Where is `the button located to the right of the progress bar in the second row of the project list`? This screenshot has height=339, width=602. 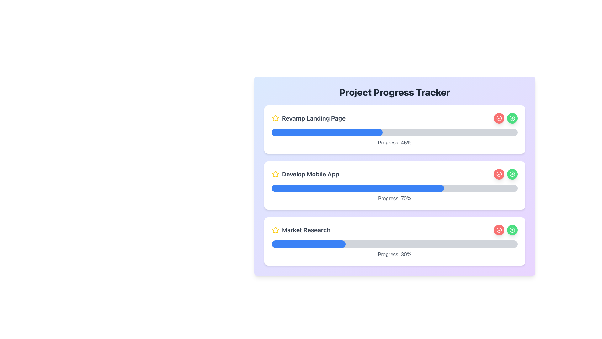 the button located to the right of the progress bar in the second row of the project list is located at coordinates (512, 174).